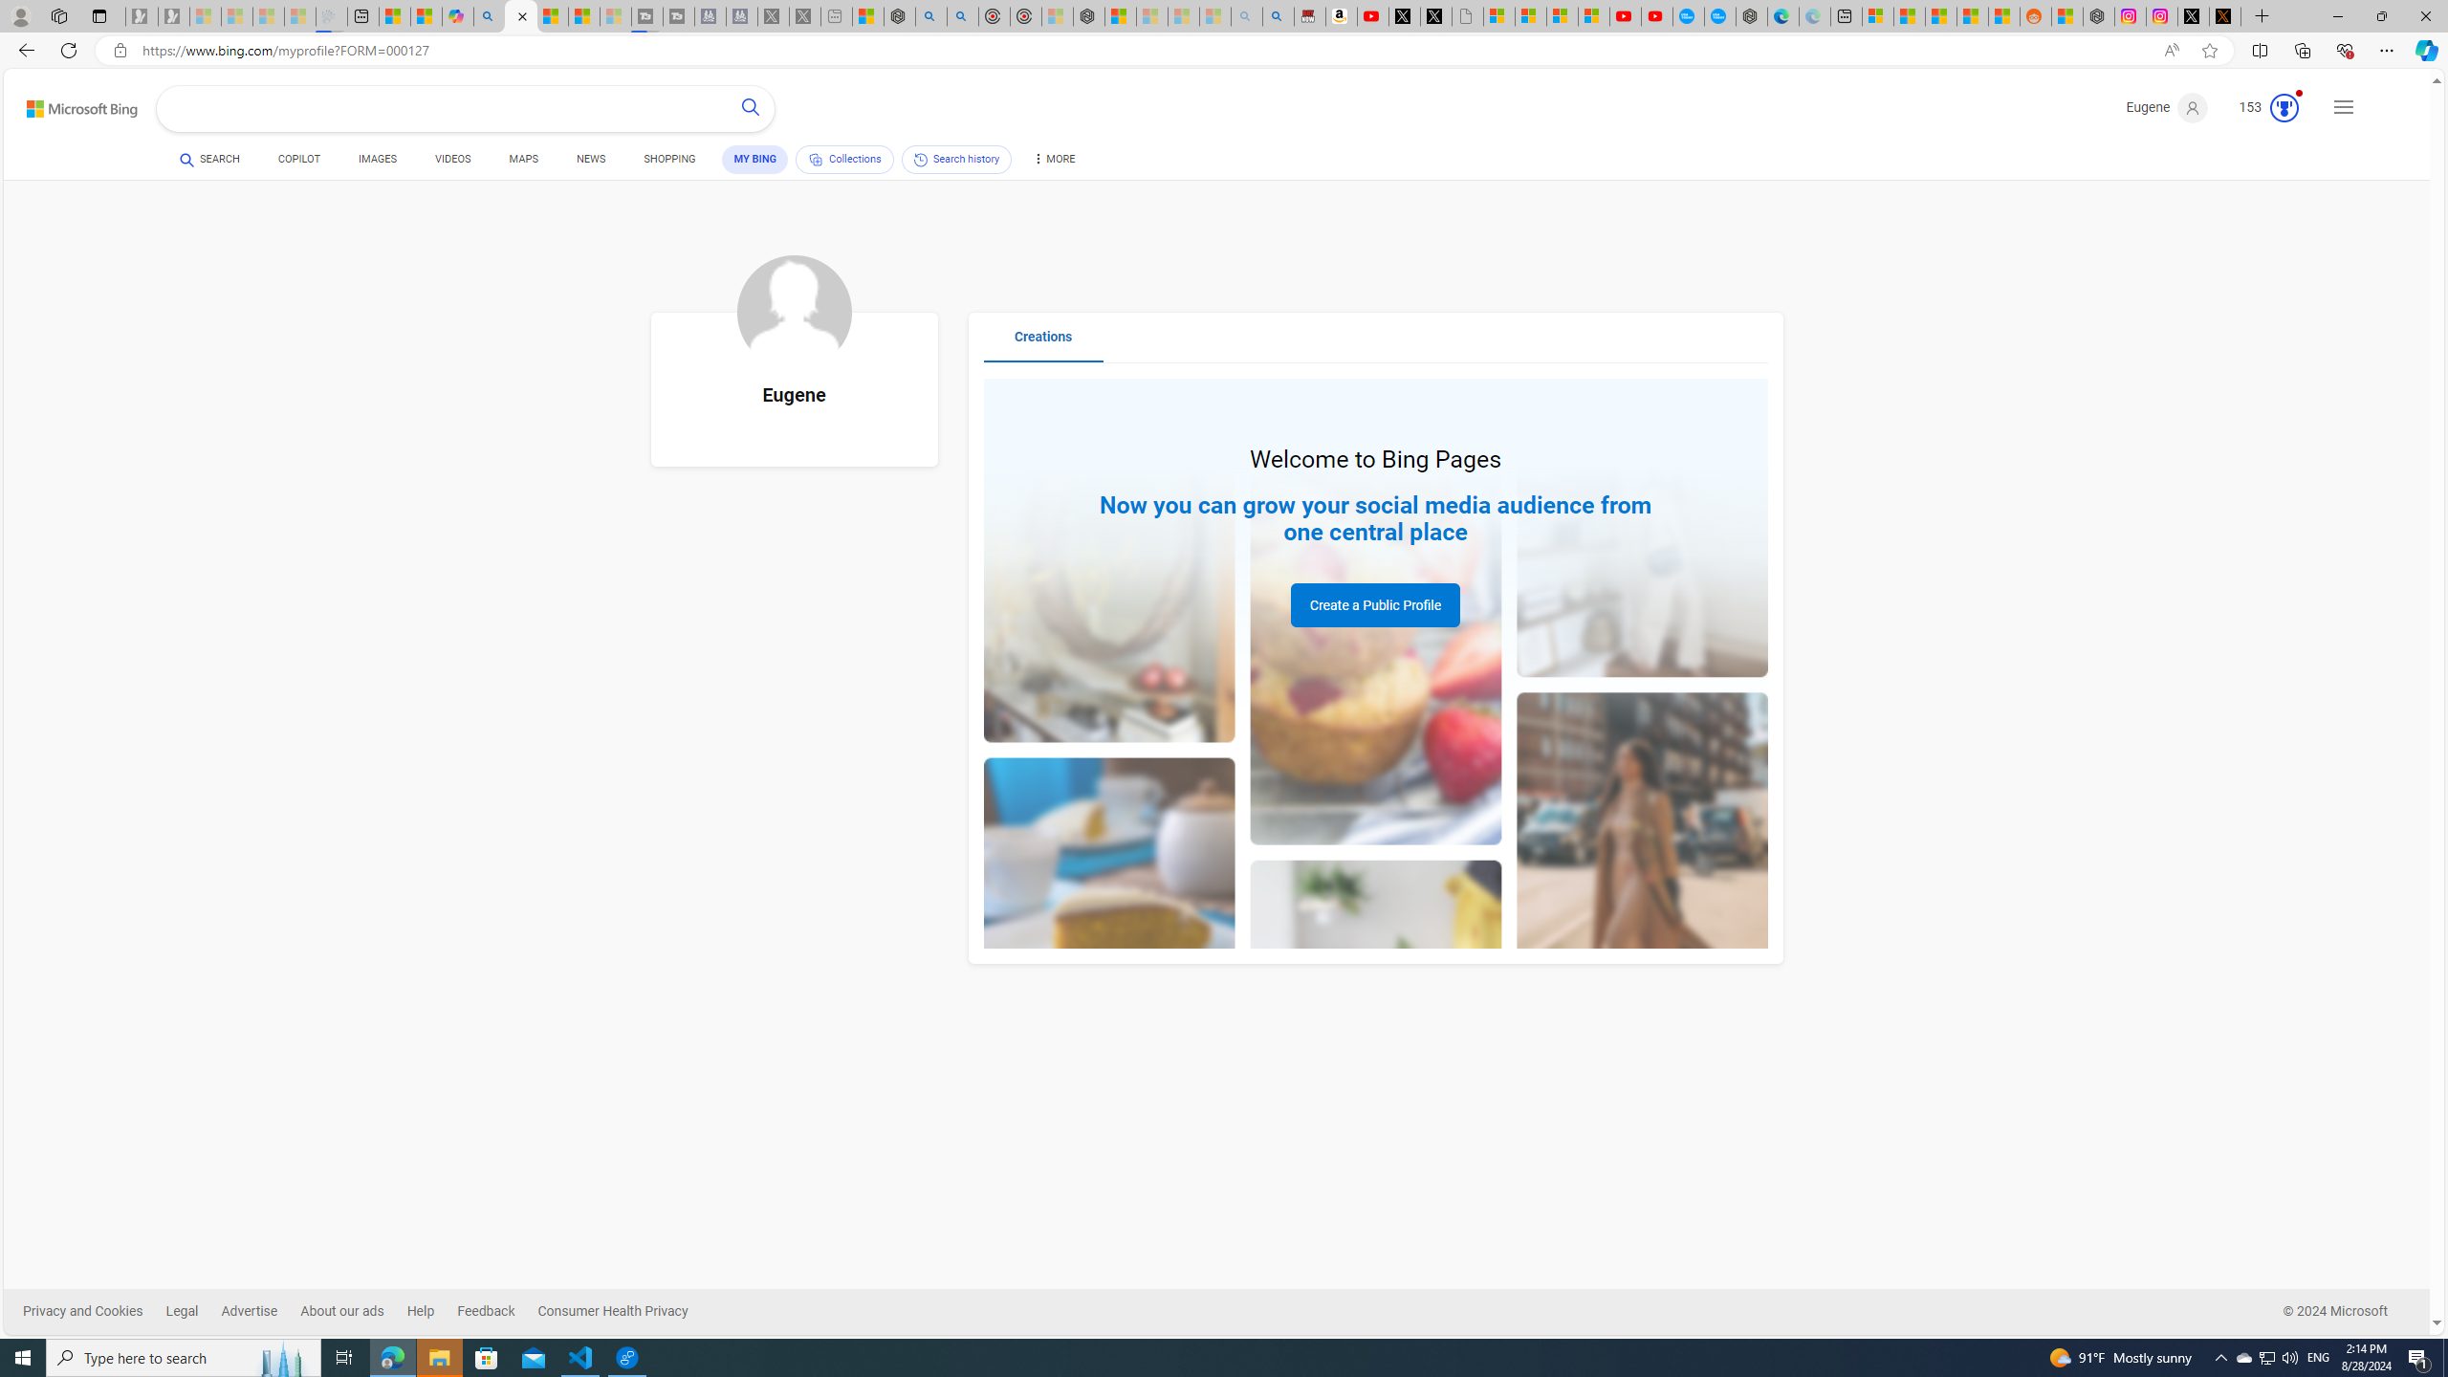 The height and width of the screenshot is (1377, 2448). Describe the element at coordinates (2284, 107) in the screenshot. I see `'Class: medal-circled'` at that location.